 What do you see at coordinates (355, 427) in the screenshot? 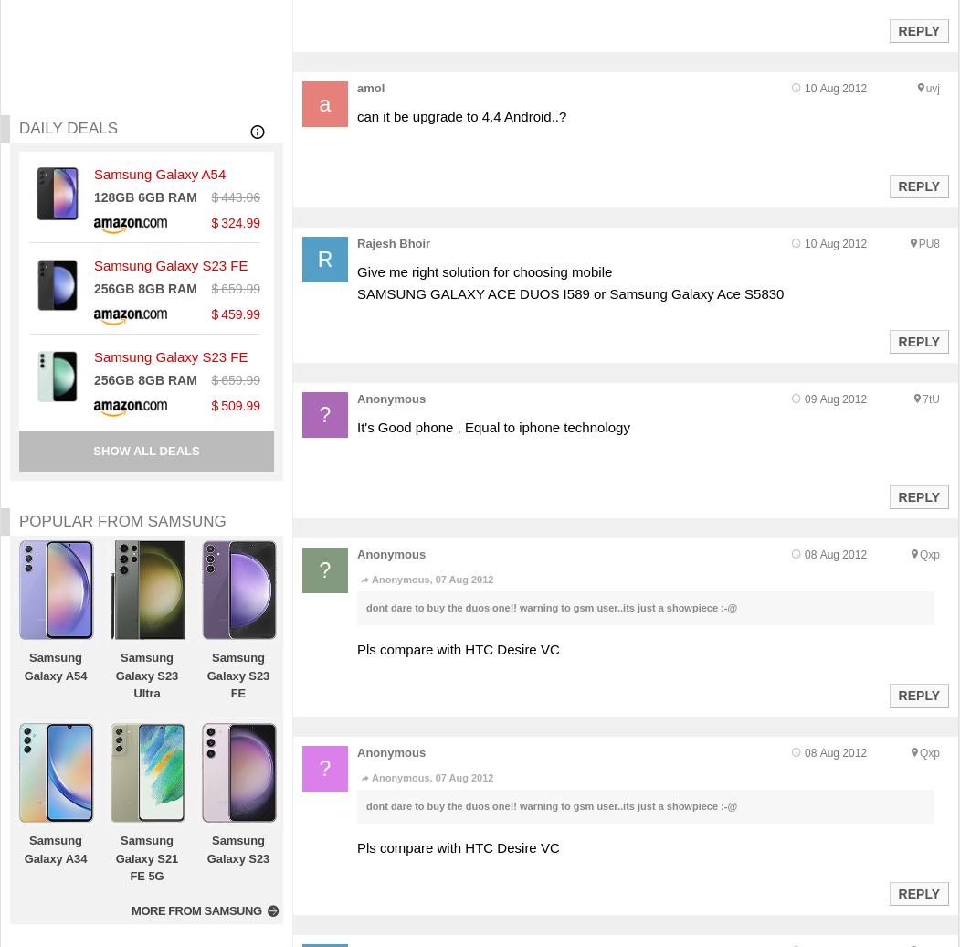
I see `'It's Good phone , Equal to iphone technology'` at bounding box center [355, 427].